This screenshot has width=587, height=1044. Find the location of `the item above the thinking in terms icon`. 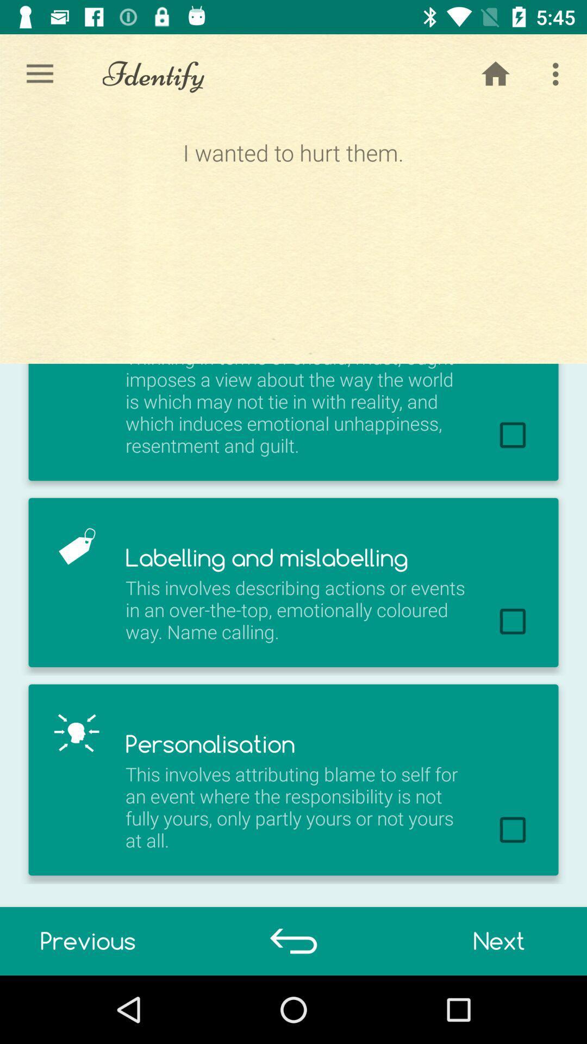

the item above the thinking in terms icon is located at coordinates (292, 238).